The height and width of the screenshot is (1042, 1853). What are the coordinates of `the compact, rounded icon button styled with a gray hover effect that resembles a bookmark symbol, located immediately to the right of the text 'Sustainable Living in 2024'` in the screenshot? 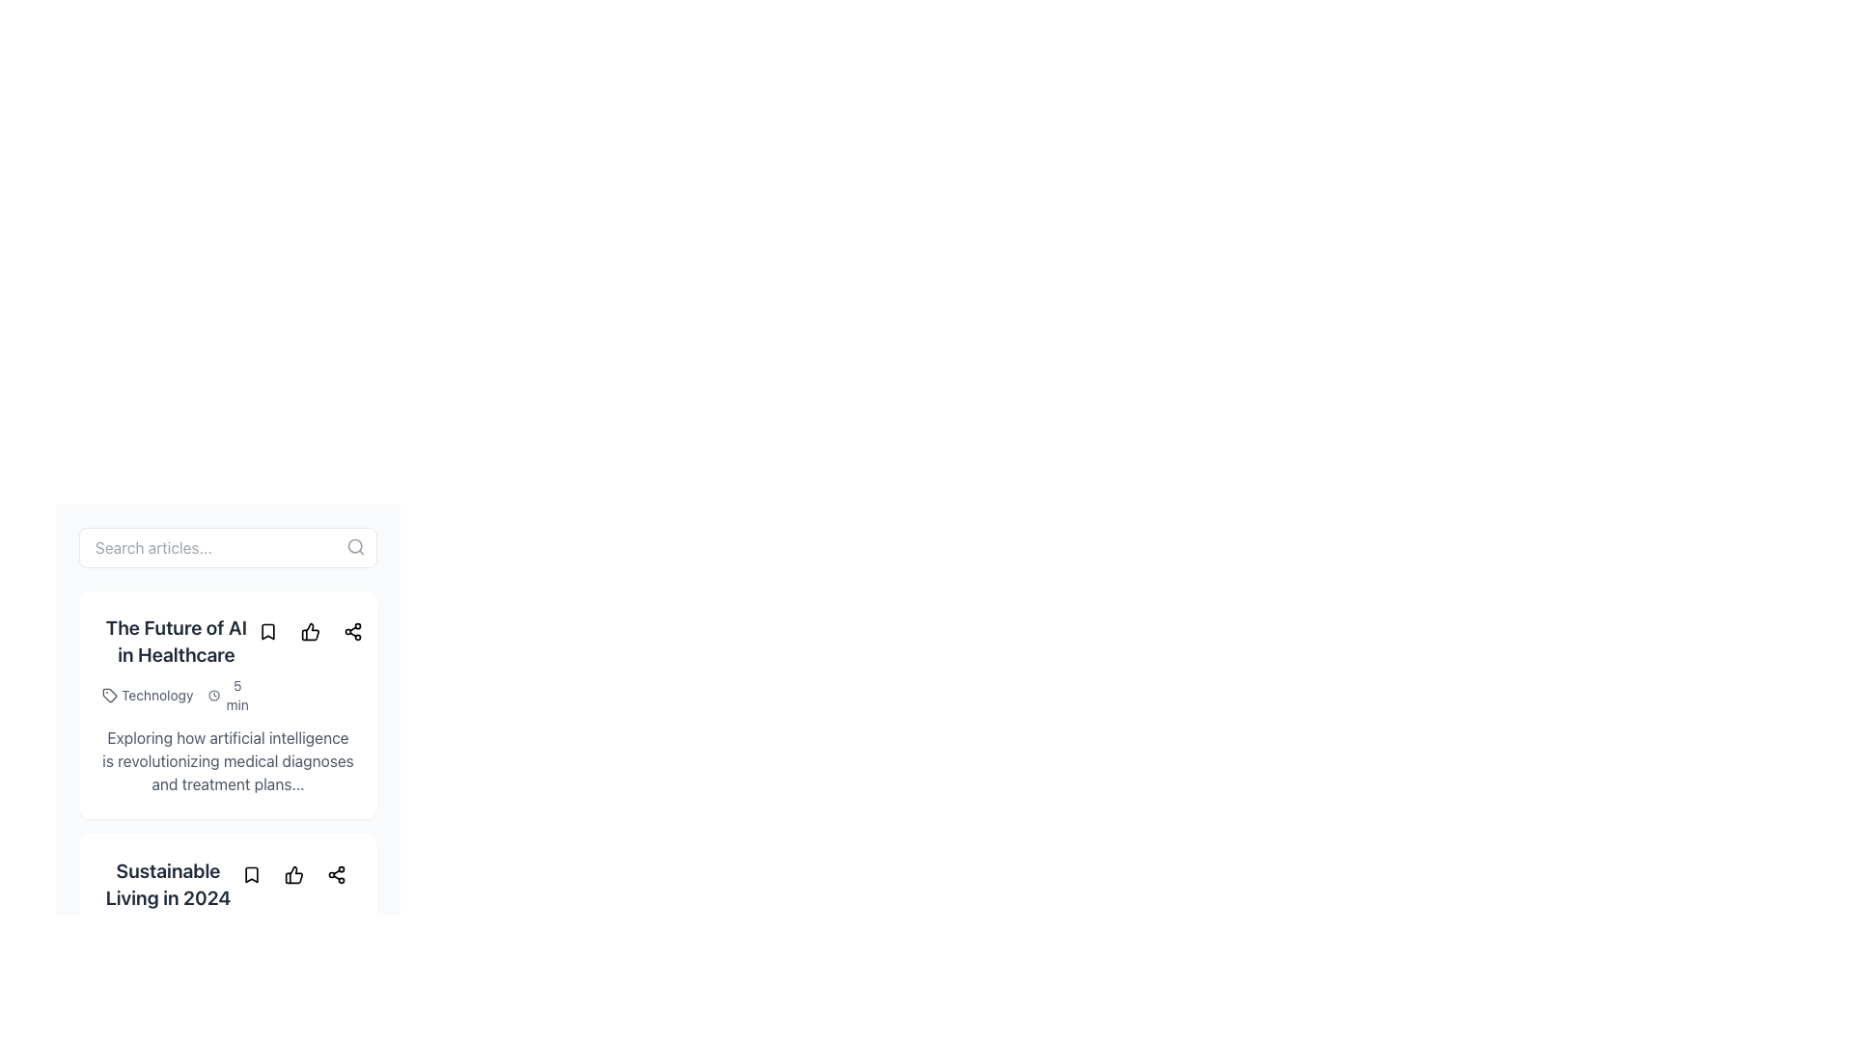 It's located at (250, 874).